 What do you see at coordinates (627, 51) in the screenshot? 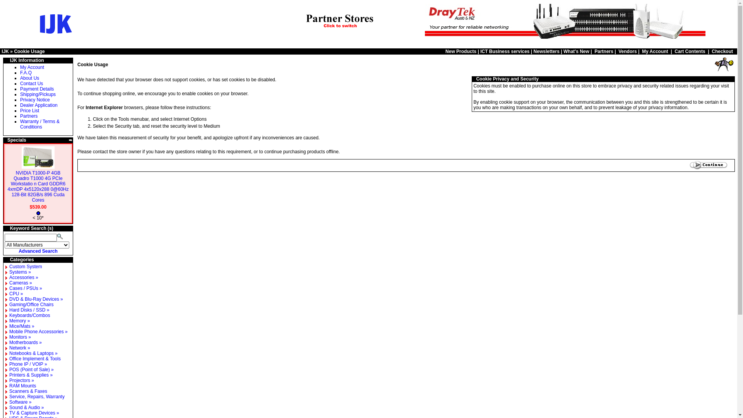
I see `'Vendors'` at bounding box center [627, 51].